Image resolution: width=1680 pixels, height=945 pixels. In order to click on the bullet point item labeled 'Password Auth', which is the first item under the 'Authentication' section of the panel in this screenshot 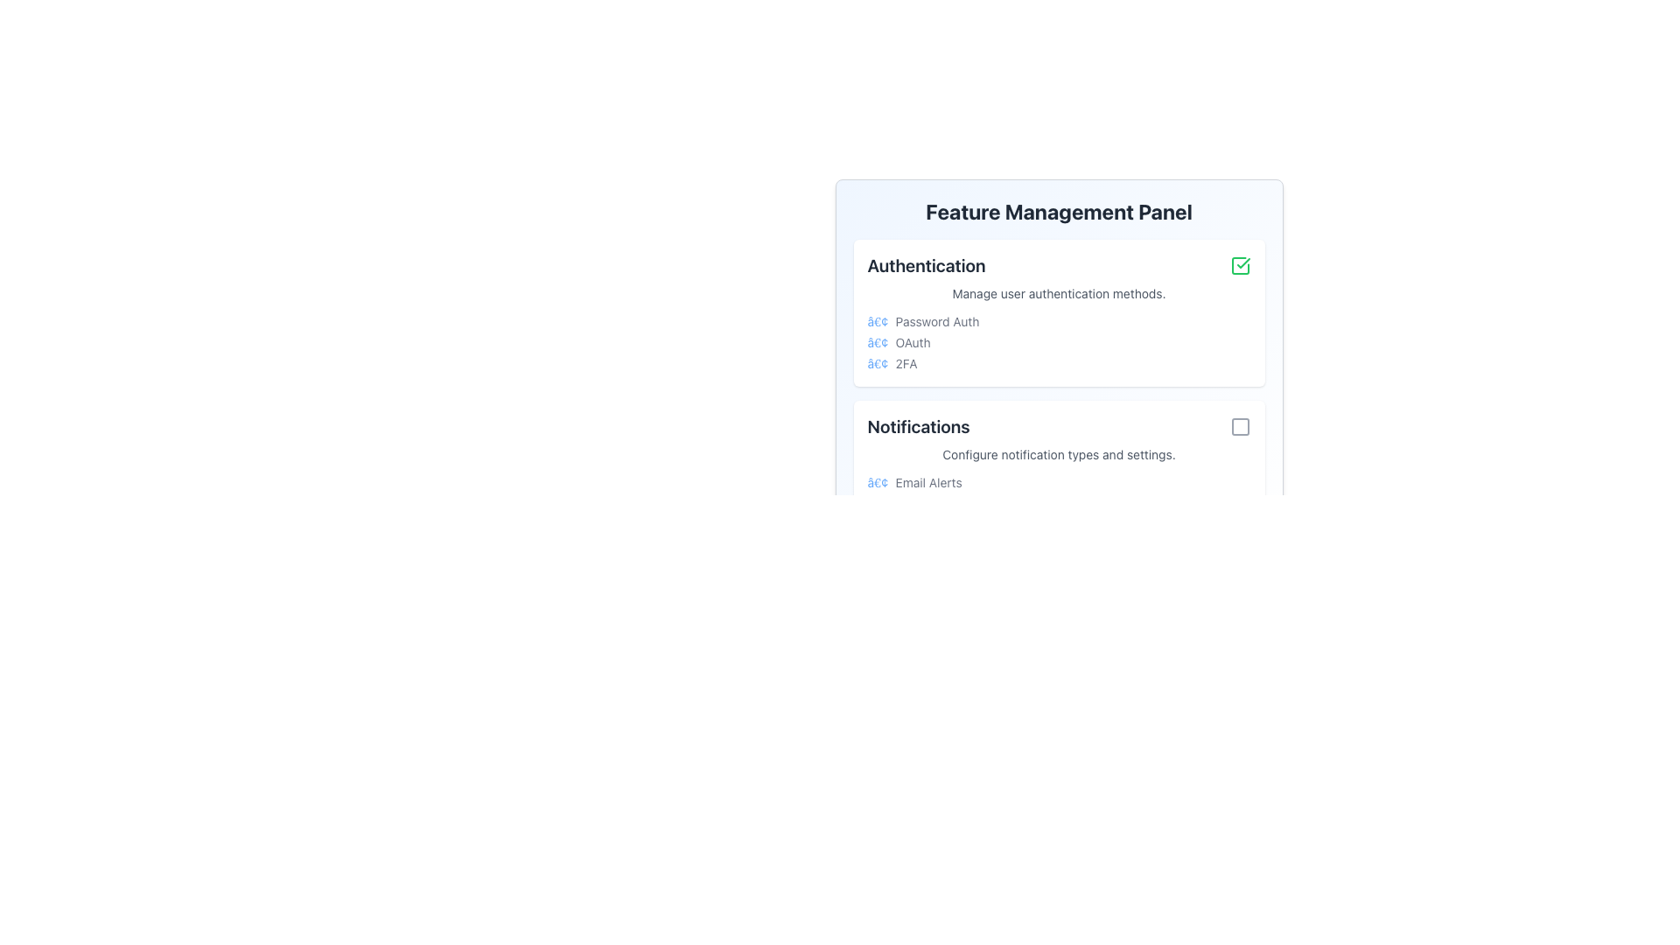, I will do `click(1058, 321)`.